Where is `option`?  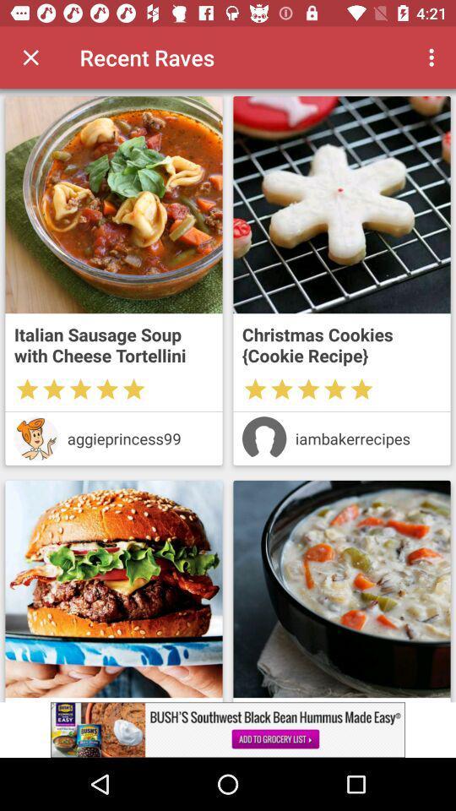
option is located at coordinates (30, 57).